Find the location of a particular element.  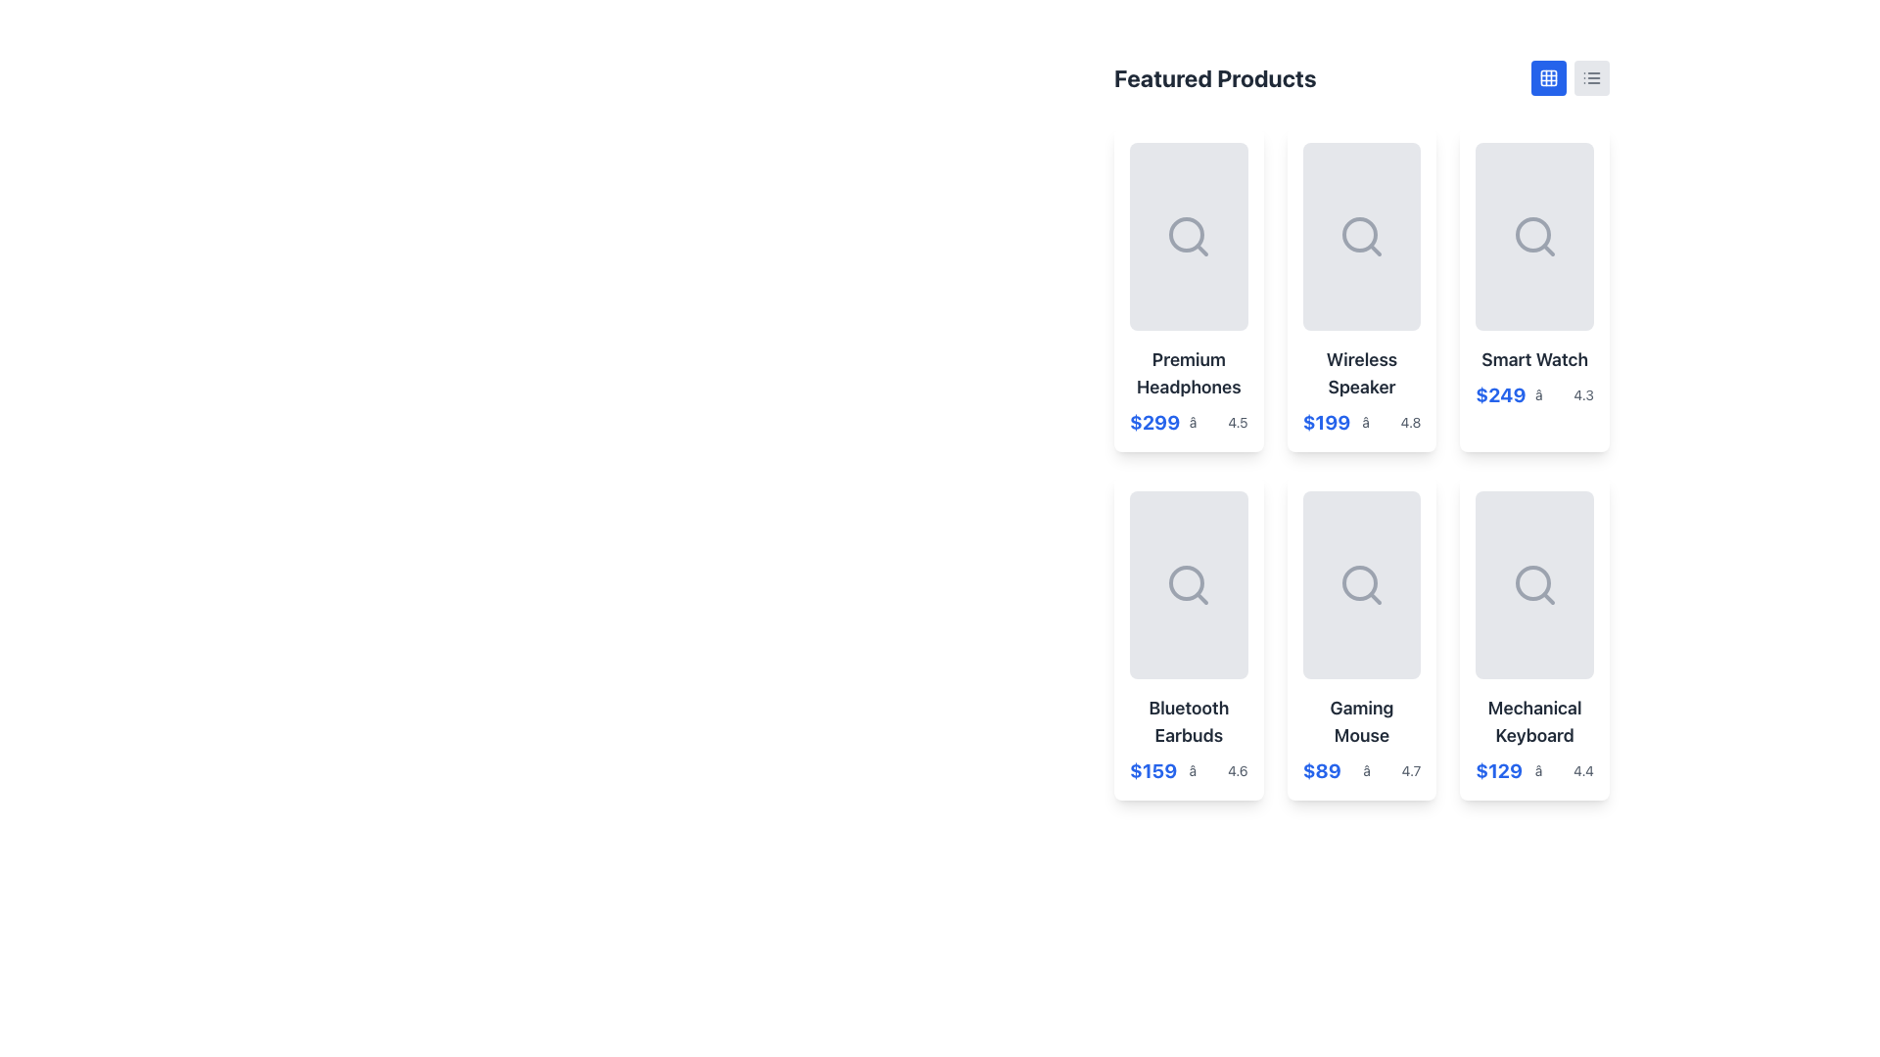

text of the 'Premium Headphones' label located in the 'Featured Products' section, which is the title for the product card in the top-left of the grid is located at coordinates (1188, 373).